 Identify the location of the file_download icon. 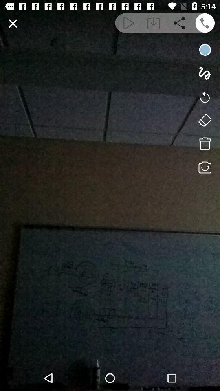
(154, 22).